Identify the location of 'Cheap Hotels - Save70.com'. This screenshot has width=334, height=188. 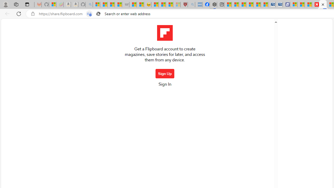
(279, 4).